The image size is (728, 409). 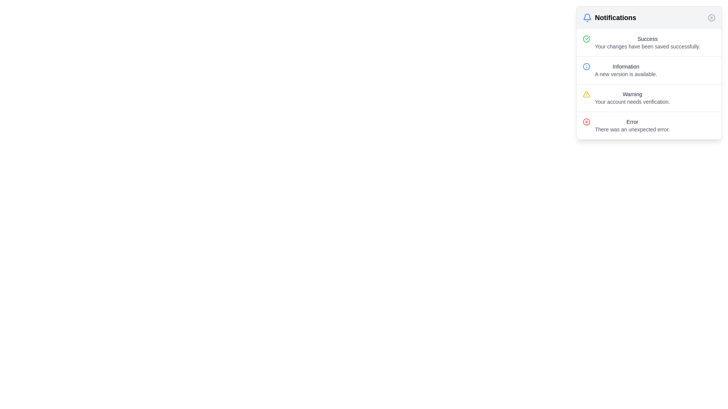 What do you see at coordinates (587, 17) in the screenshot?
I see `the blue bell icon located in the notification header, positioned to the left of the 'Notifications' text` at bounding box center [587, 17].